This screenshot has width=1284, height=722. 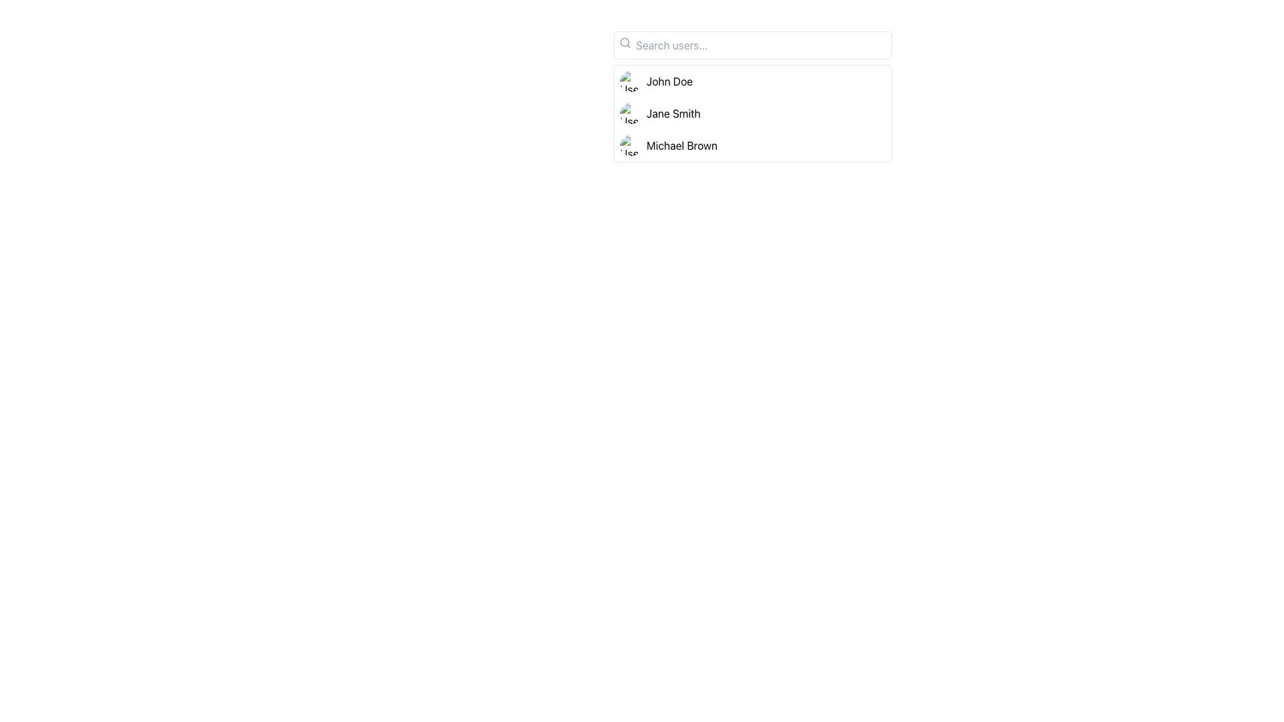 I want to click on the text display element showing the name 'Jane Smith' which is part of a user list and is positioned to the right of a circular profile image, so click(x=673, y=112).